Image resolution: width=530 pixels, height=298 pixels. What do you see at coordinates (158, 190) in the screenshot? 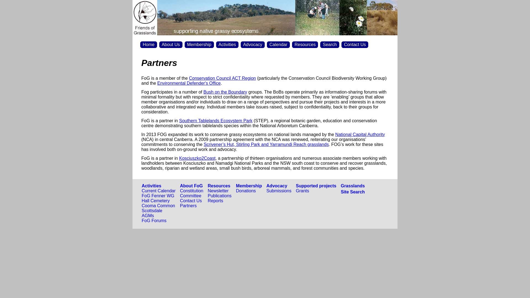
I see `'Current Calendar'` at bounding box center [158, 190].